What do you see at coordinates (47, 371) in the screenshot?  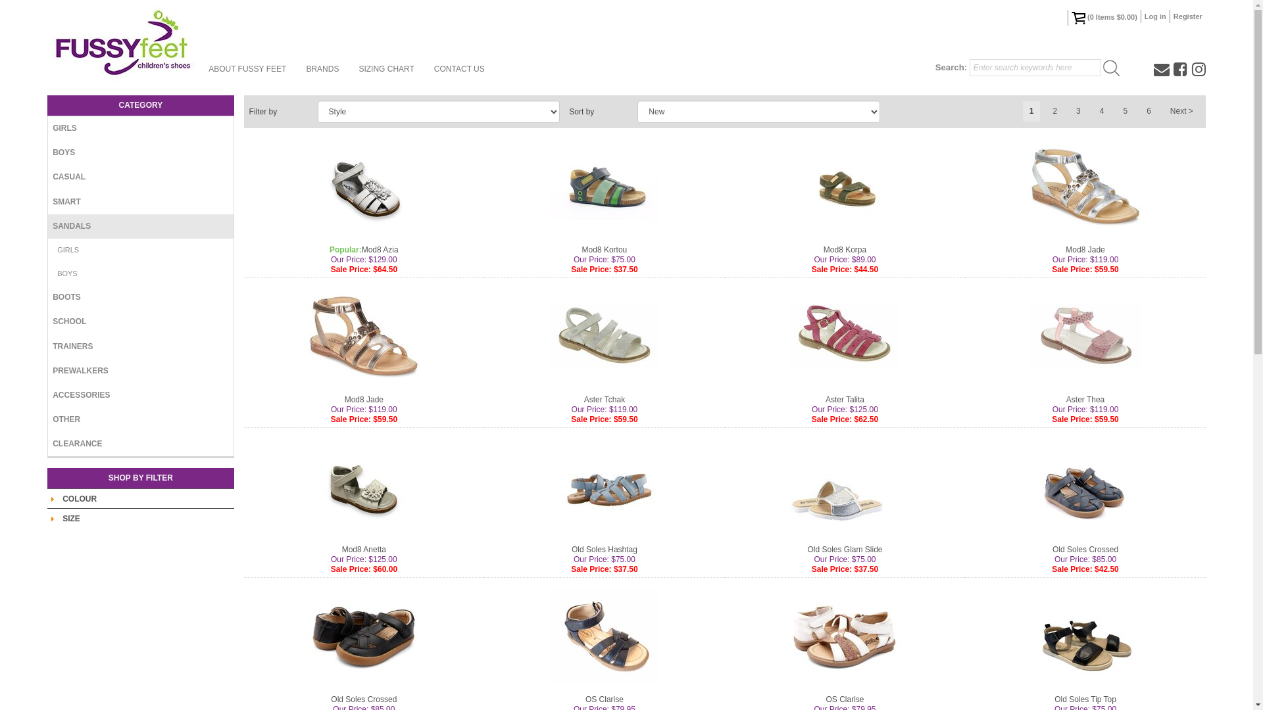 I see `'PREWALKERS'` at bounding box center [47, 371].